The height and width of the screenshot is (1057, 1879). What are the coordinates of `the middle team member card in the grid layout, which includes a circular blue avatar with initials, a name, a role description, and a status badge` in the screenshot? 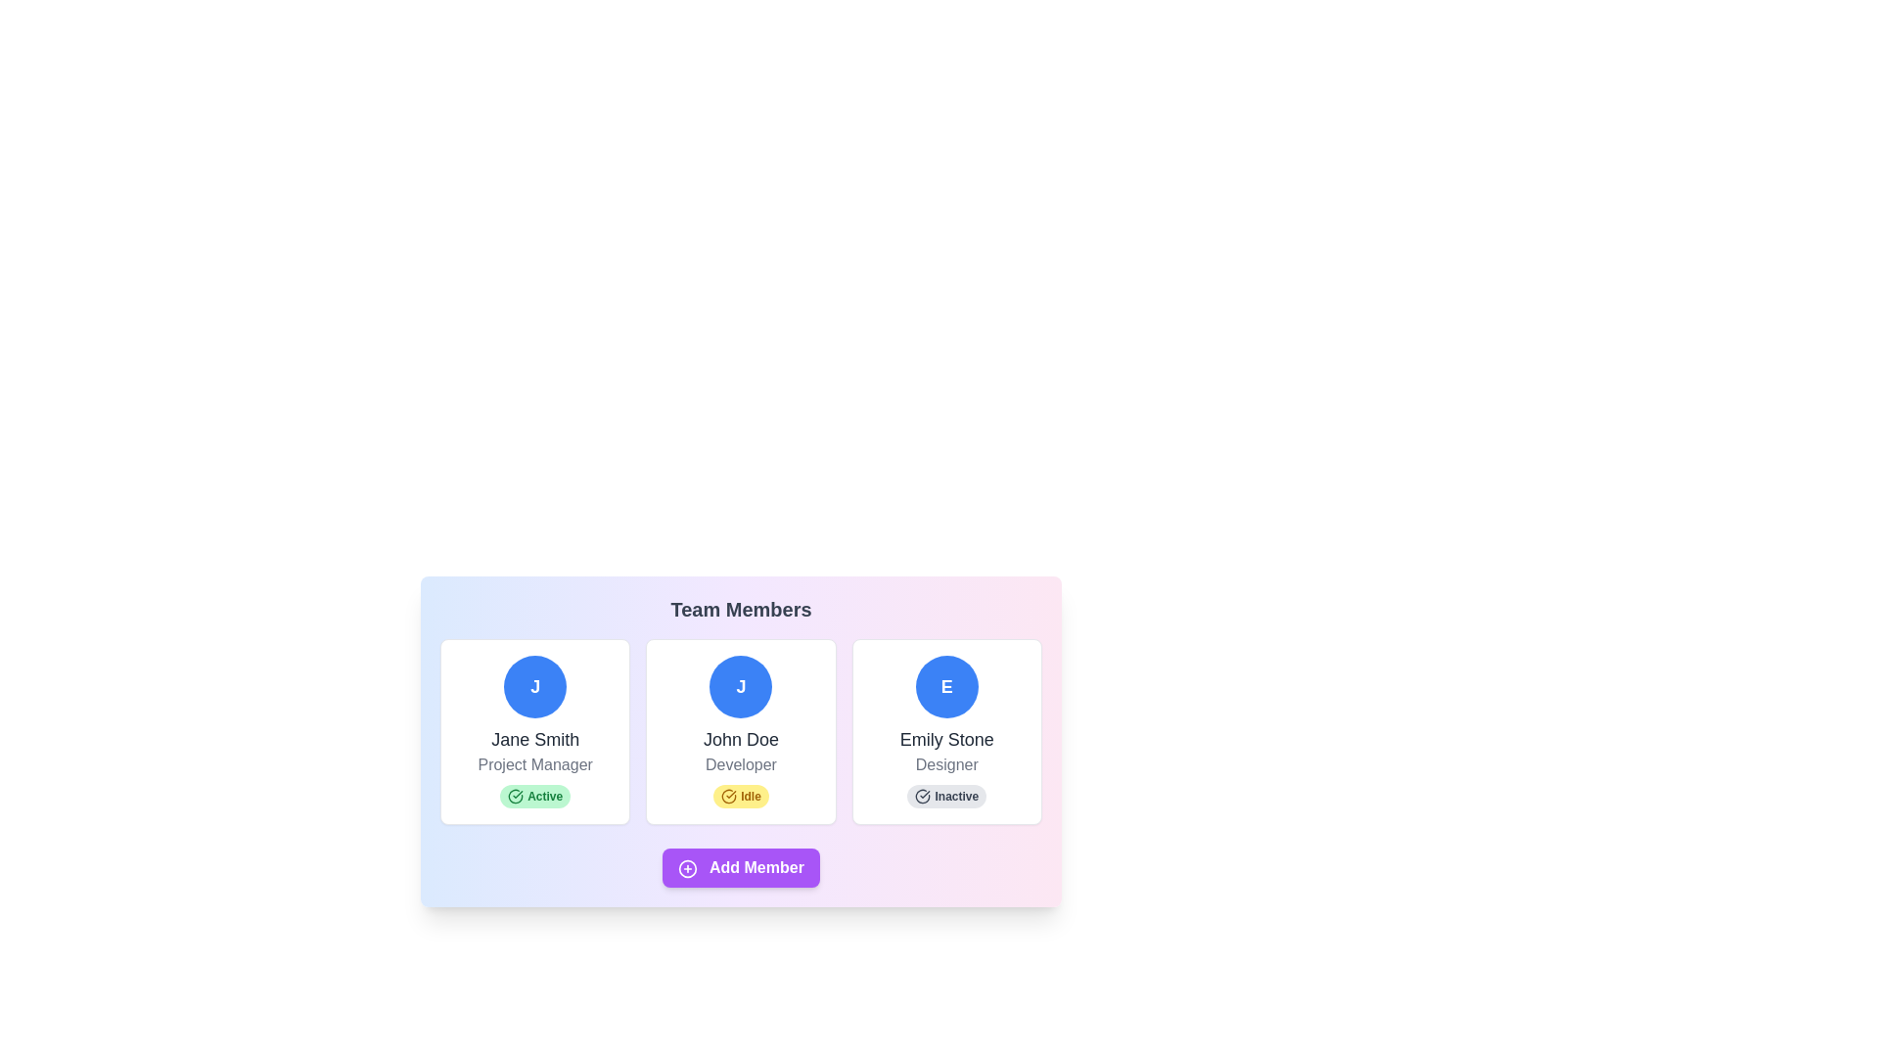 It's located at (740, 732).